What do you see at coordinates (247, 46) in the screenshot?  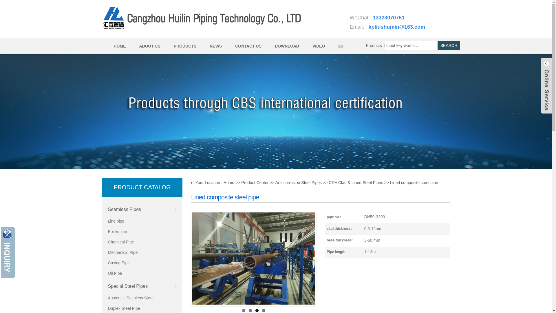 I see `'CONTACT US'` at bounding box center [247, 46].